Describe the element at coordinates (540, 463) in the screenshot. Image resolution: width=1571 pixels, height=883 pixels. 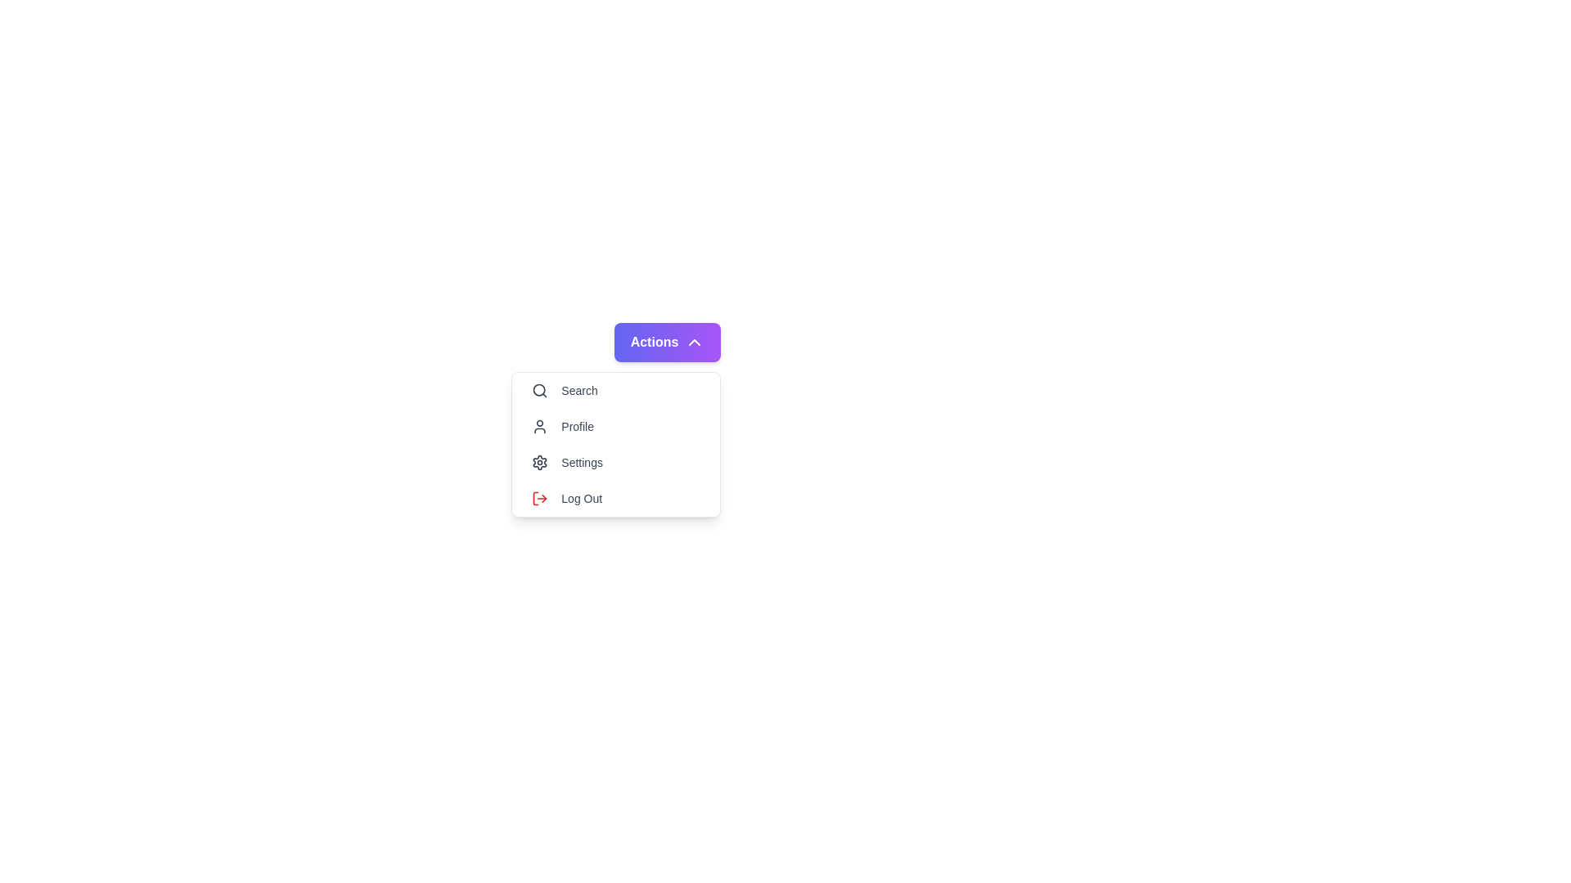
I see `the 'Settings' icon, which is a gear shape located to the left of the label 'Settings' in the vertical dropdown menu` at that location.